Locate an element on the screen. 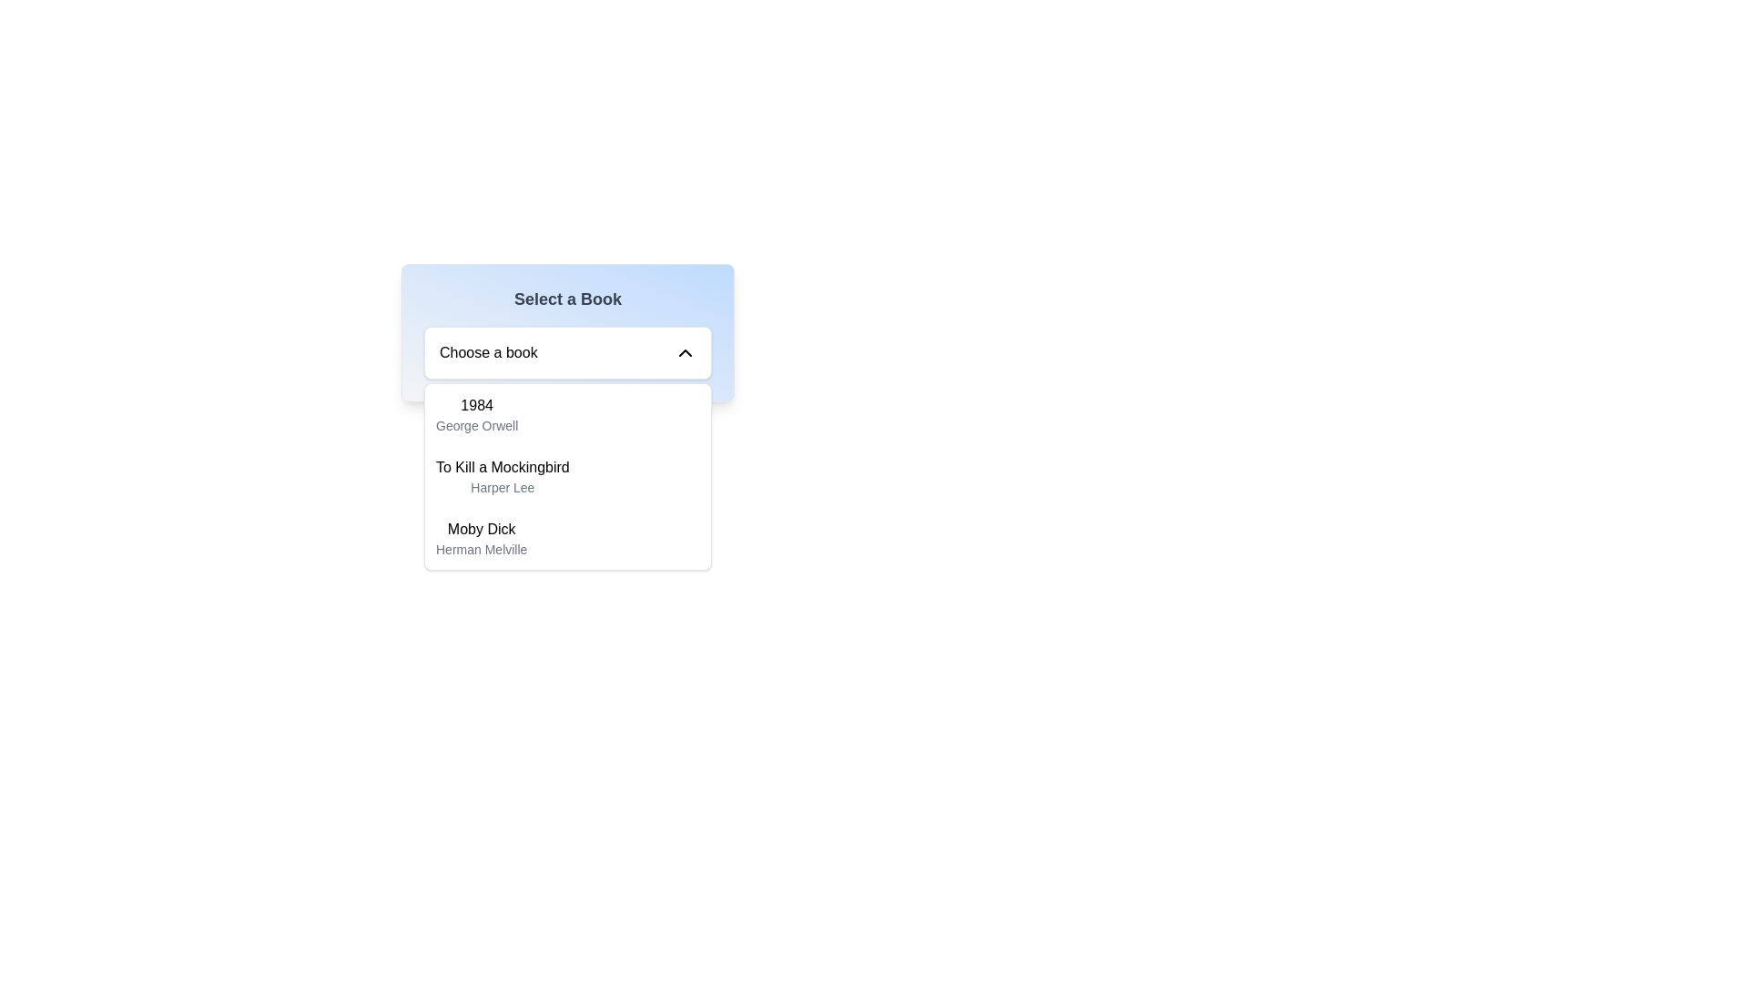 The image size is (1748, 983). the selectable list item titled 'Moby Dick' by 'Herman Melville' is located at coordinates (567, 537).